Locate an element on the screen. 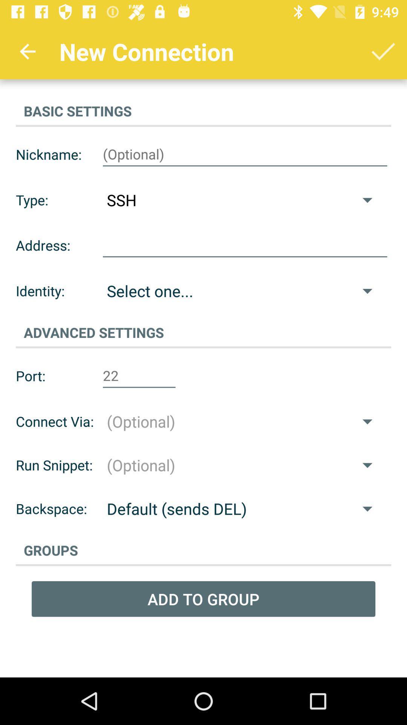  nickname is located at coordinates (245, 154).